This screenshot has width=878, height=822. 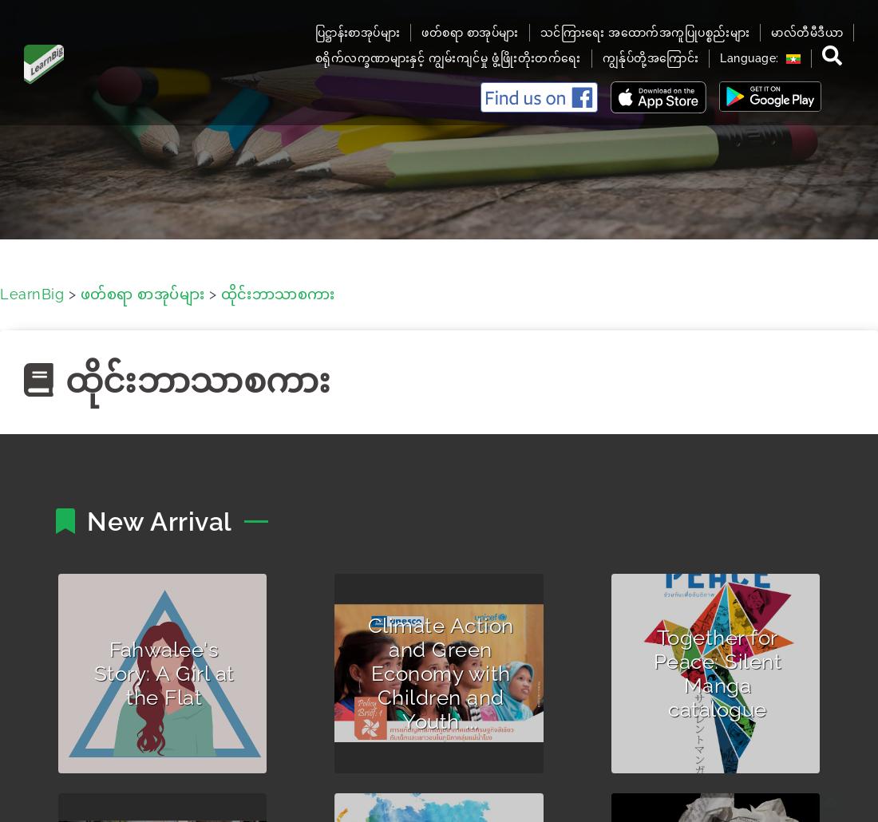 I want to click on 'Climate Action and Green Economy with Children and Youth ...', so click(x=439, y=671).